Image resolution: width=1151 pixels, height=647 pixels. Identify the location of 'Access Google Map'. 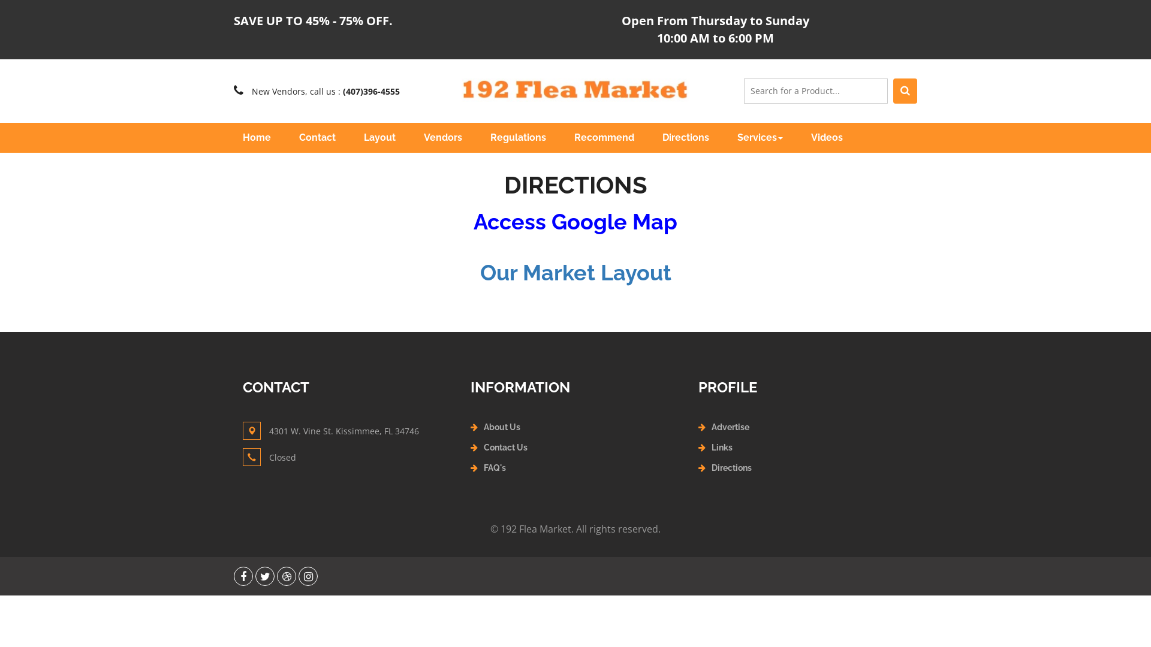
(575, 222).